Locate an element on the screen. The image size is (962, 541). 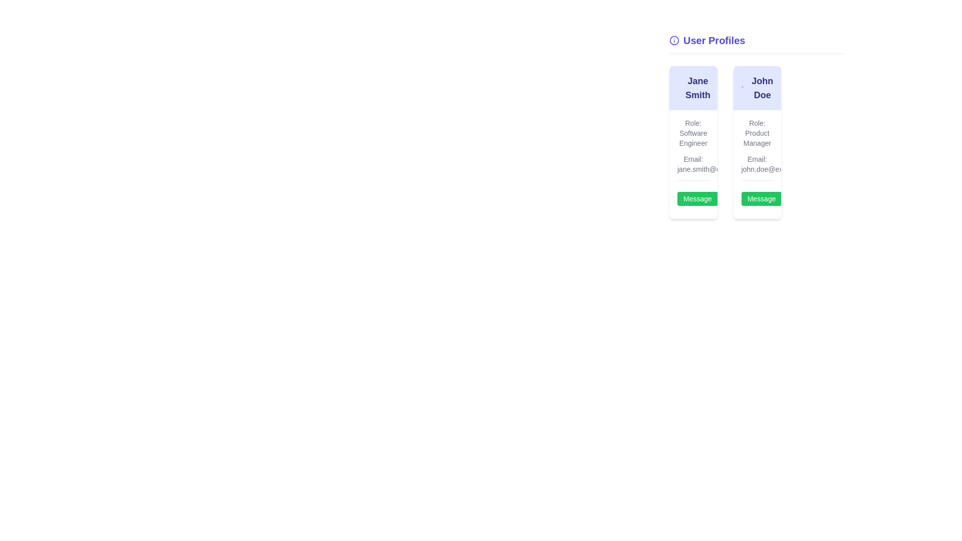
the static text label indicating the user's email address in Jane Smith's profile card, located in the top-left quadrant of the interface is located at coordinates (692, 158).